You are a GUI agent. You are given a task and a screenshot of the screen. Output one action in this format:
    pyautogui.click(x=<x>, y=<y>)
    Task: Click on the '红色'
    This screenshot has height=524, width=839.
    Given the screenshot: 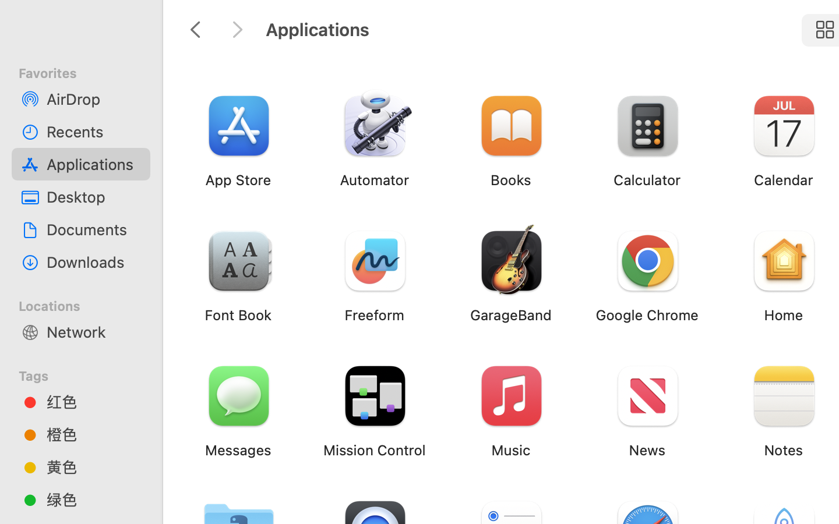 What is the action you would take?
    pyautogui.click(x=93, y=401)
    